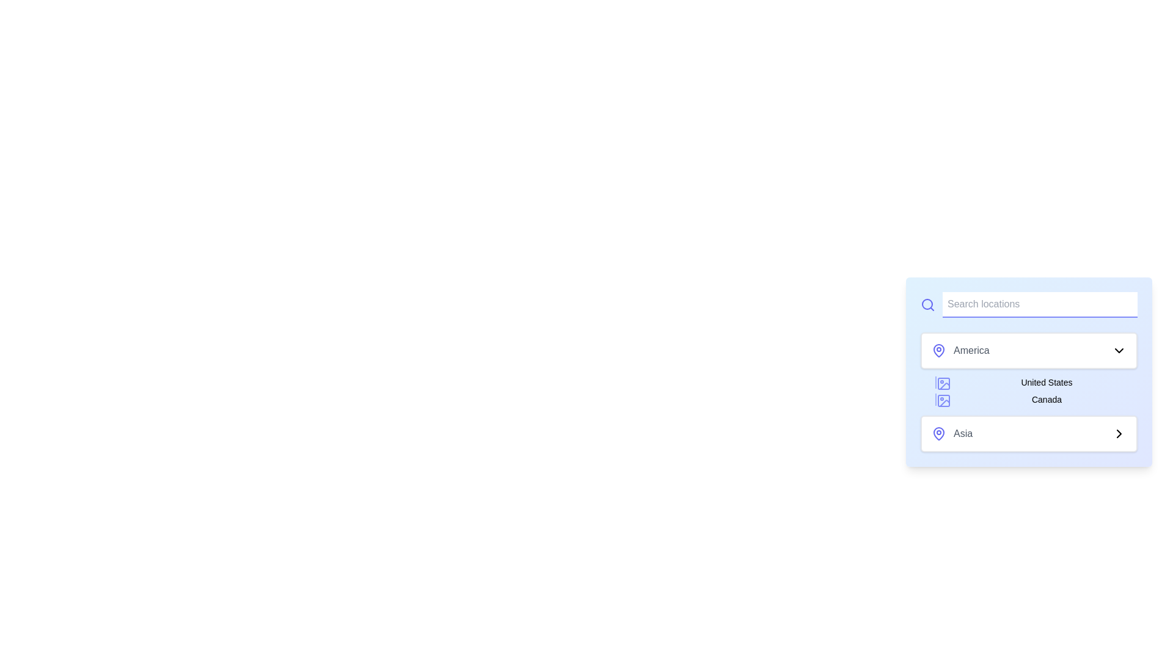 Image resolution: width=1173 pixels, height=660 pixels. I want to click on the label 'Asia' which indicates a location option in the dropdown menu, positioned below 'America' and accompanied by a map pin icon, so click(962, 433).